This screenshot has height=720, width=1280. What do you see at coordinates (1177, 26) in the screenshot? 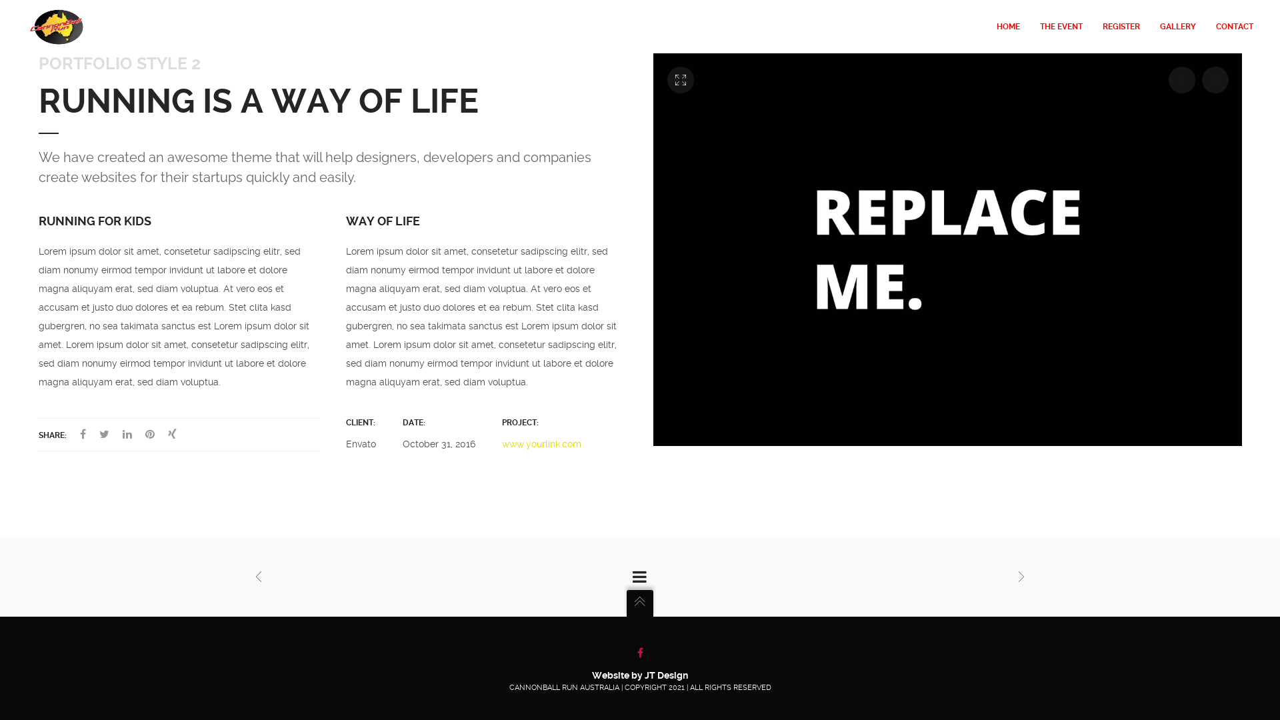
I see `'GALLERY'` at bounding box center [1177, 26].